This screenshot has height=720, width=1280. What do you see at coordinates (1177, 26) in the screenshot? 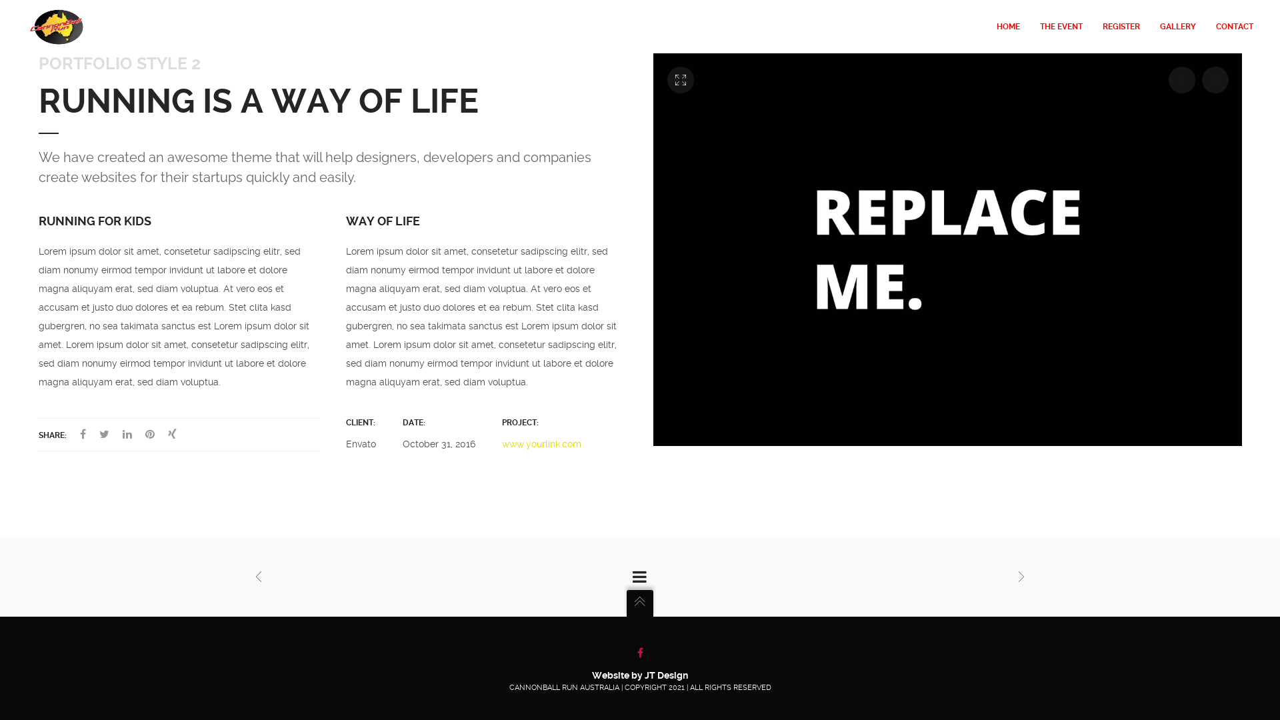
I see `'GALLERY'` at bounding box center [1177, 26].